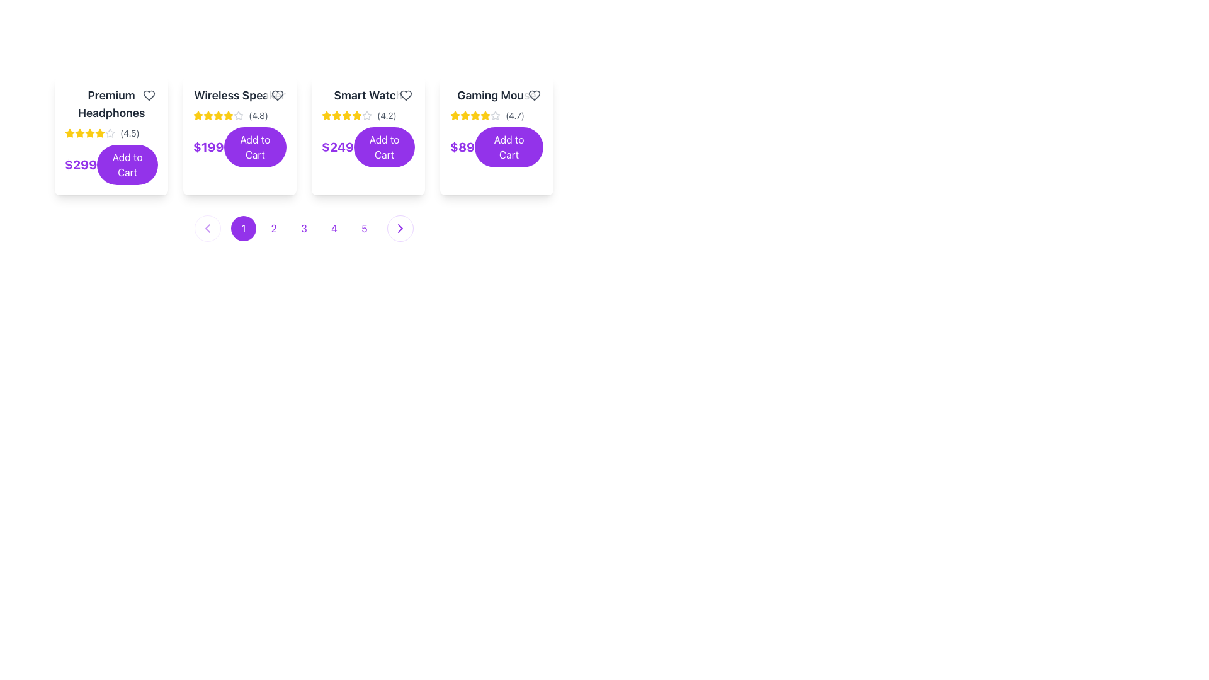  I want to click on the star-shaped icon representing the rating for the 'Gaming Mouse' product card, located at the fourth position in the grid, so click(455, 116).